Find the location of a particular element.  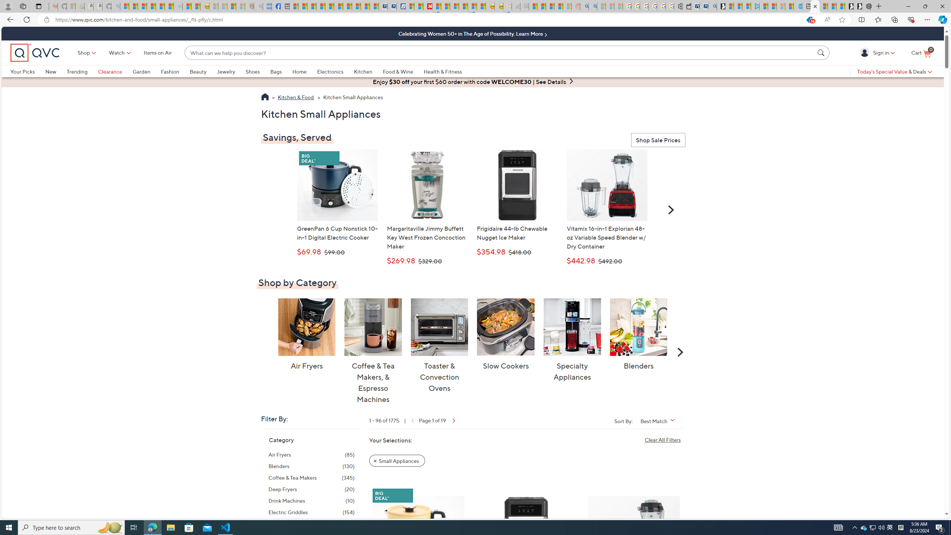

'Electric Griddles, 154 items' is located at coordinates (311, 512).